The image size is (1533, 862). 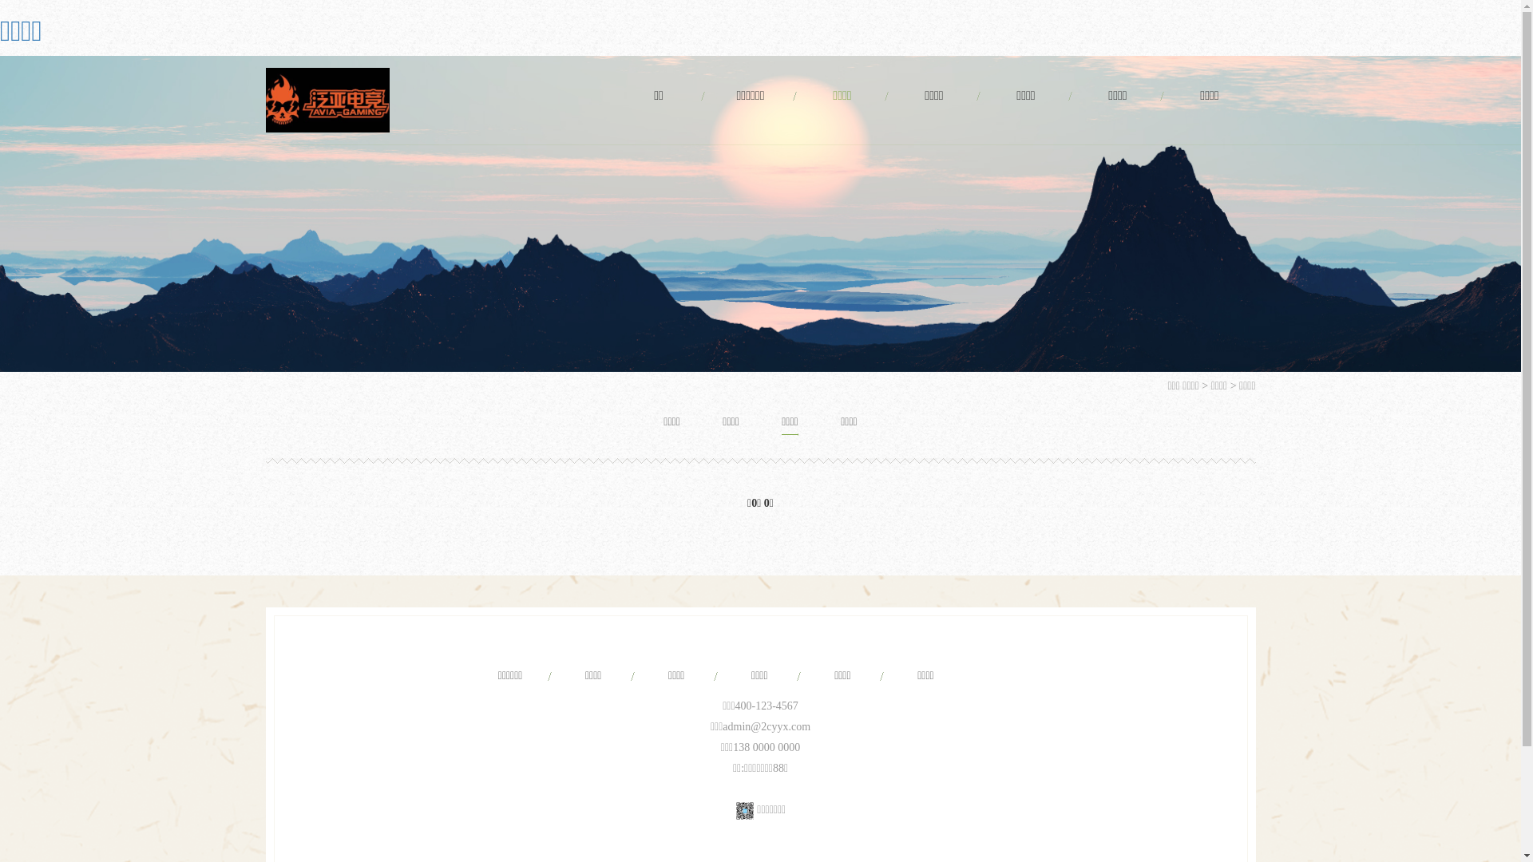 I want to click on '400-123-4567', so click(x=765, y=705).